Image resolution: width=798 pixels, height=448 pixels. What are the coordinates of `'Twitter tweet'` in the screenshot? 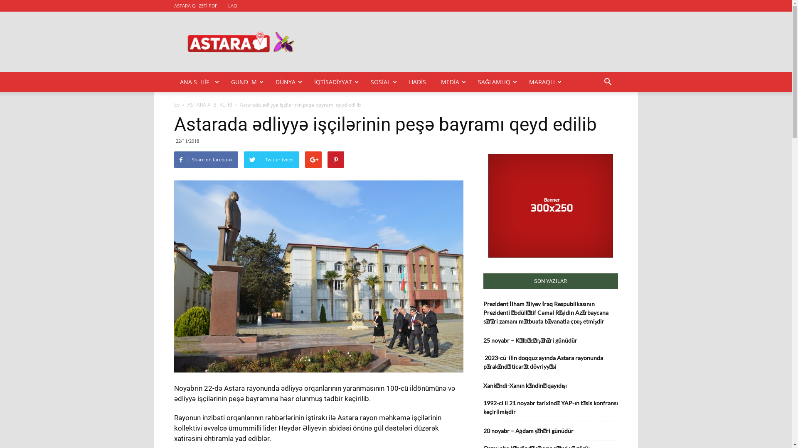 It's located at (271, 160).